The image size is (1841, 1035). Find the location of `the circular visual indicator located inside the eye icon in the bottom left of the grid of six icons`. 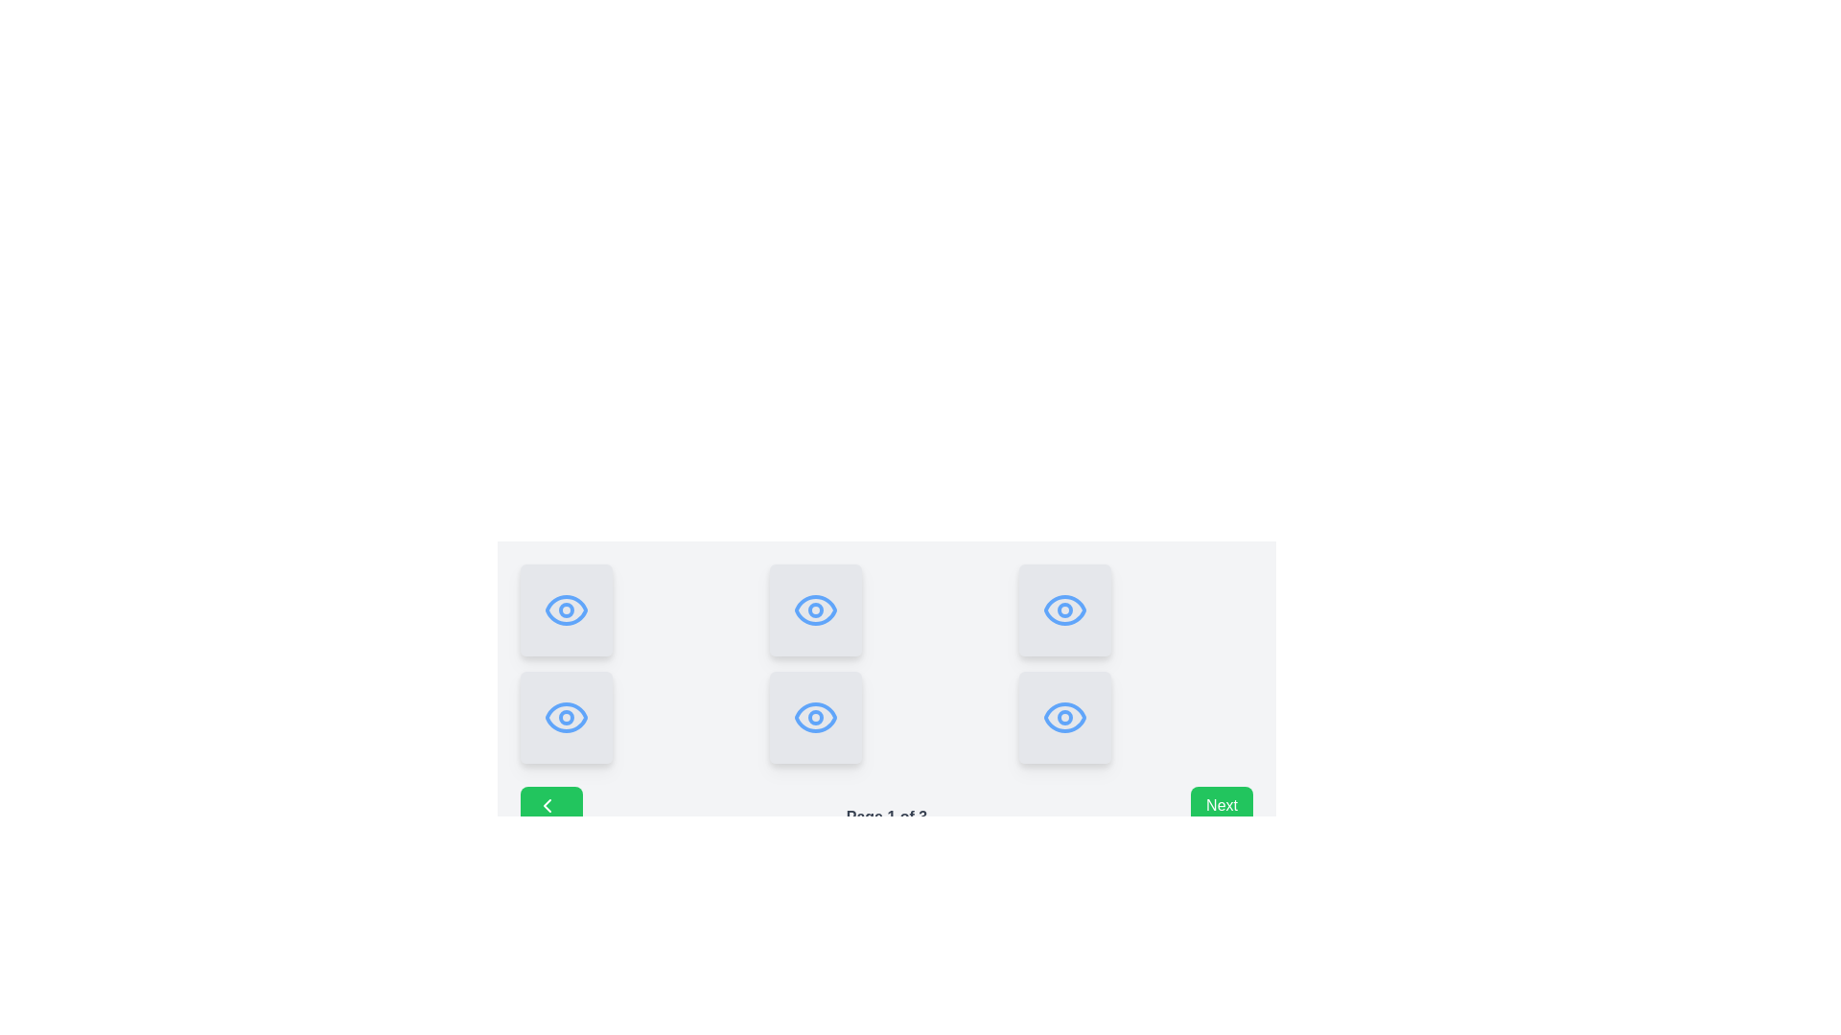

the circular visual indicator located inside the eye icon in the bottom left of the grid of six icons is located at coordinates (565, 717).